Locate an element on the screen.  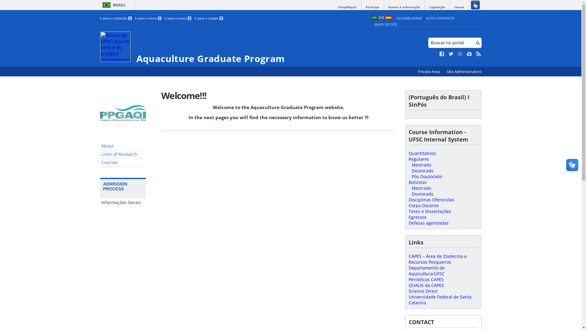
'Universidade Federal de Santa Catarina' is located at coordinates (440, 299).